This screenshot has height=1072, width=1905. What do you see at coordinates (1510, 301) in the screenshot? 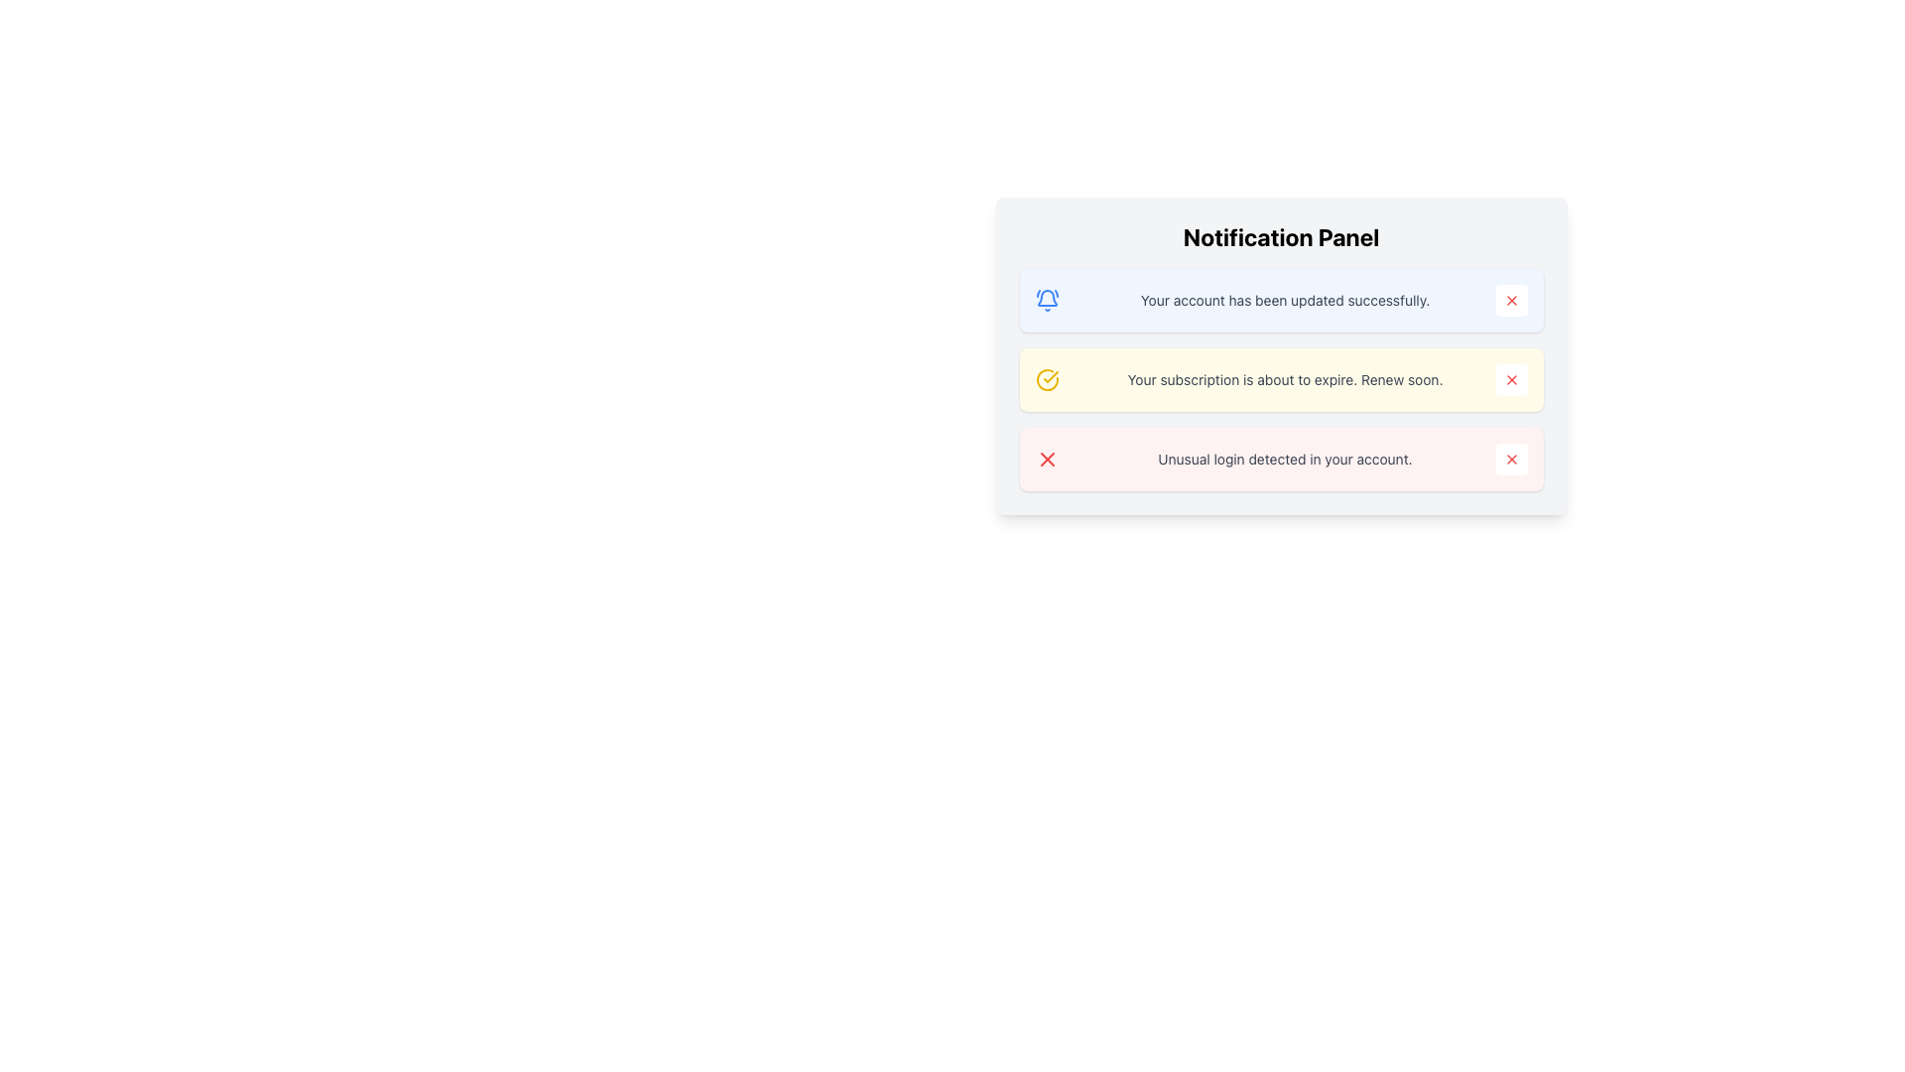
I see `the Close button (red 'X' icon) located at the top-right corner of the first notification entry with the message 'Your account has been updated successfully'` at bounding box center [1510, 301].